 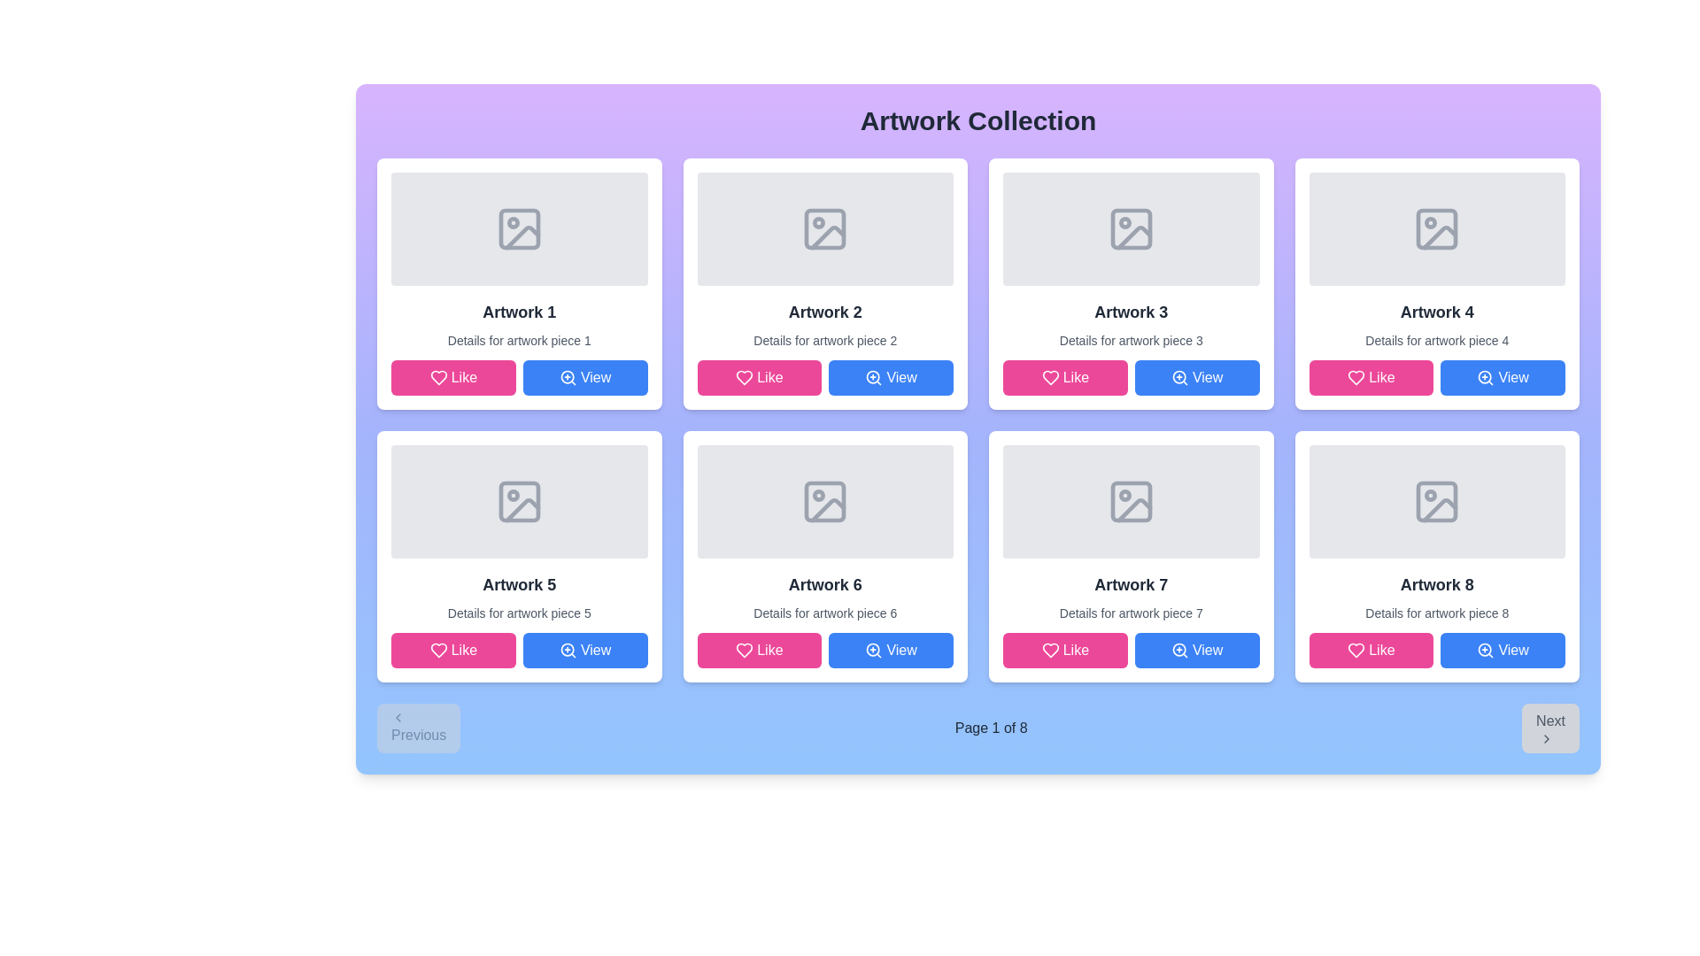 I want to click on the zoom-in icon embedded inside the 'View' button located in the lower-right side of the card for 'Artwork 5', so click(x=568, y=651).